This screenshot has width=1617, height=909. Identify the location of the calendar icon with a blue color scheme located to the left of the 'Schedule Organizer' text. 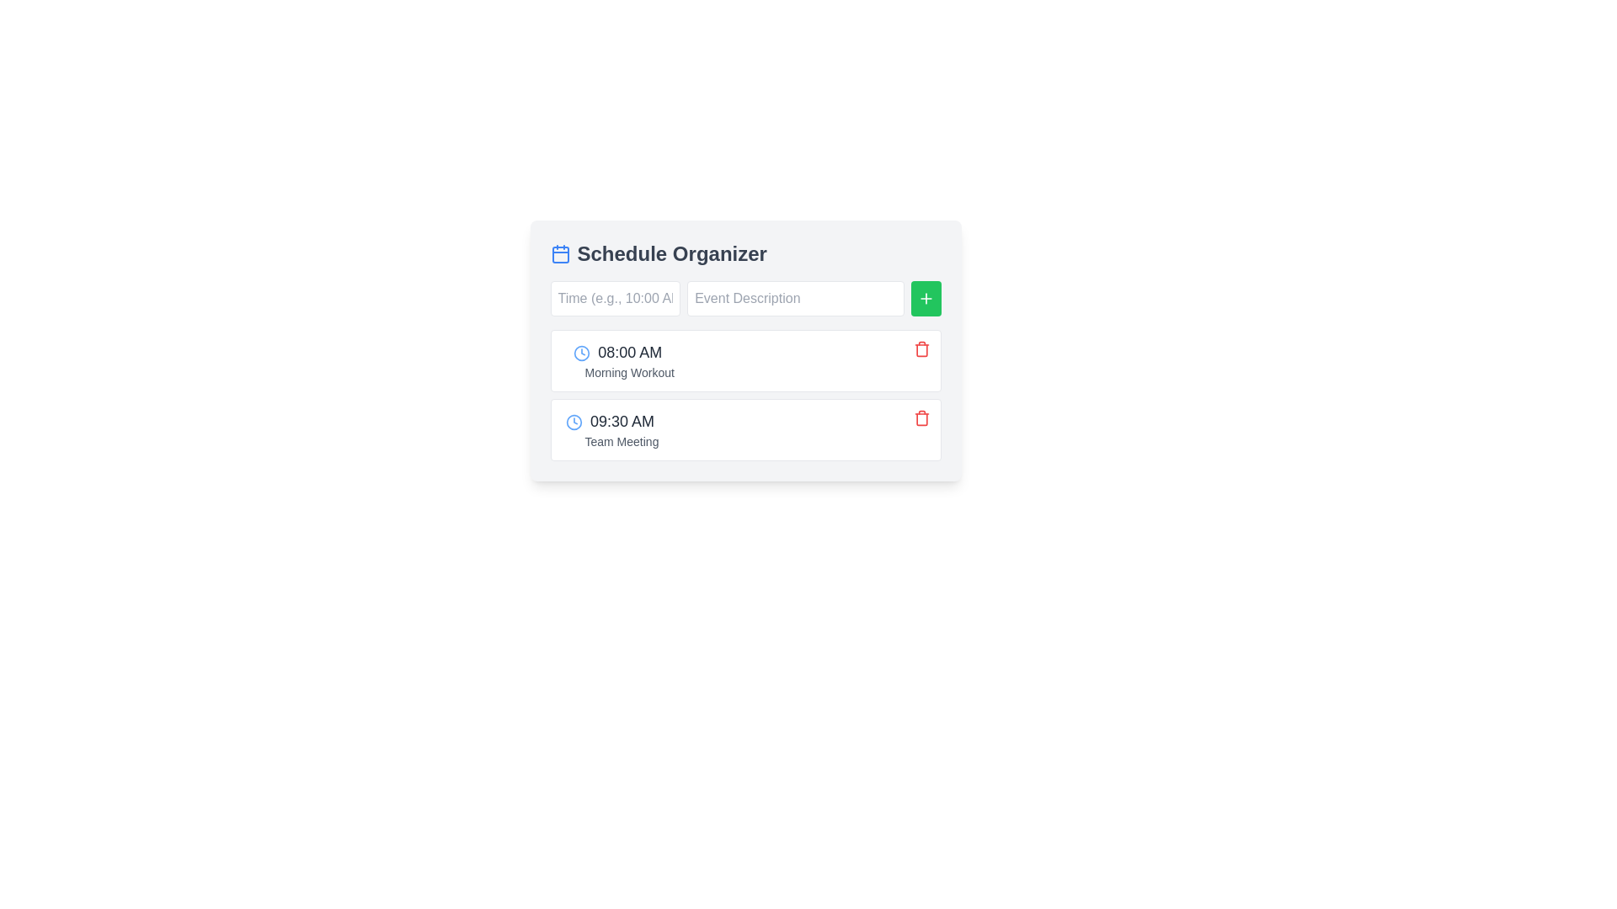
(560, 253).